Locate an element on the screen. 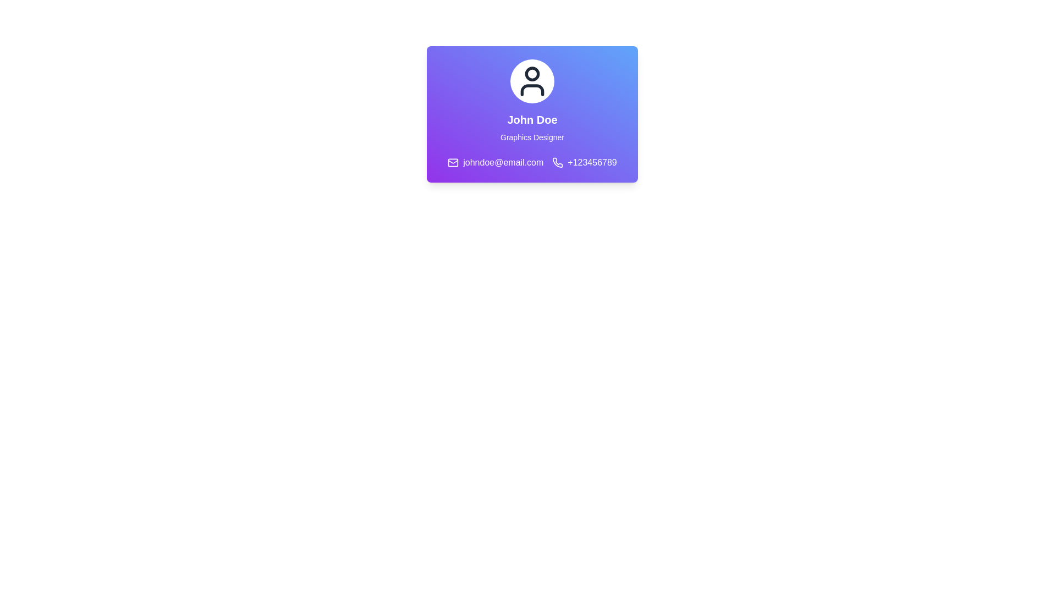 Image resolution: width=1056 pixels, height=594 pixels. the text label displaying the email 'johndoe@email.com' which is located in the middle section of the card UI, to the left of the phone number and its icon is located at coordinates (495, 163).